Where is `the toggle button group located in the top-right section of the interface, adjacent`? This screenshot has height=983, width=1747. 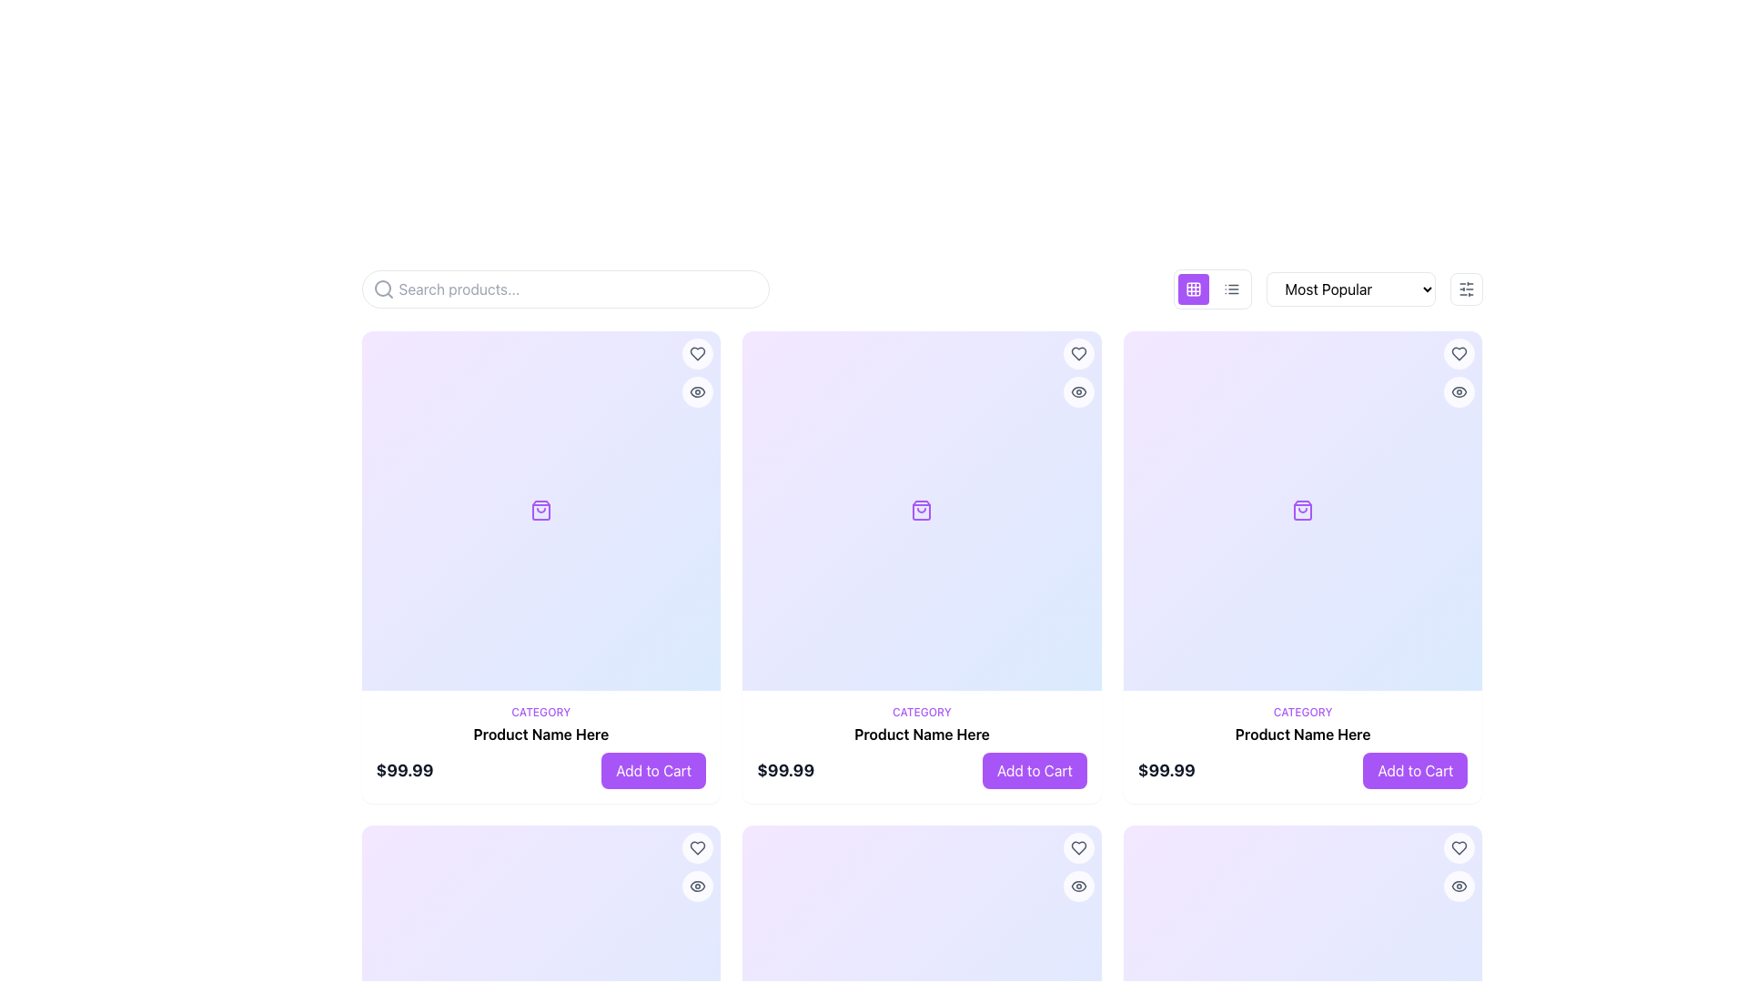
the toggle button group located in the top-right section of the interface, adjacent is located at coordinates (1212, 288).